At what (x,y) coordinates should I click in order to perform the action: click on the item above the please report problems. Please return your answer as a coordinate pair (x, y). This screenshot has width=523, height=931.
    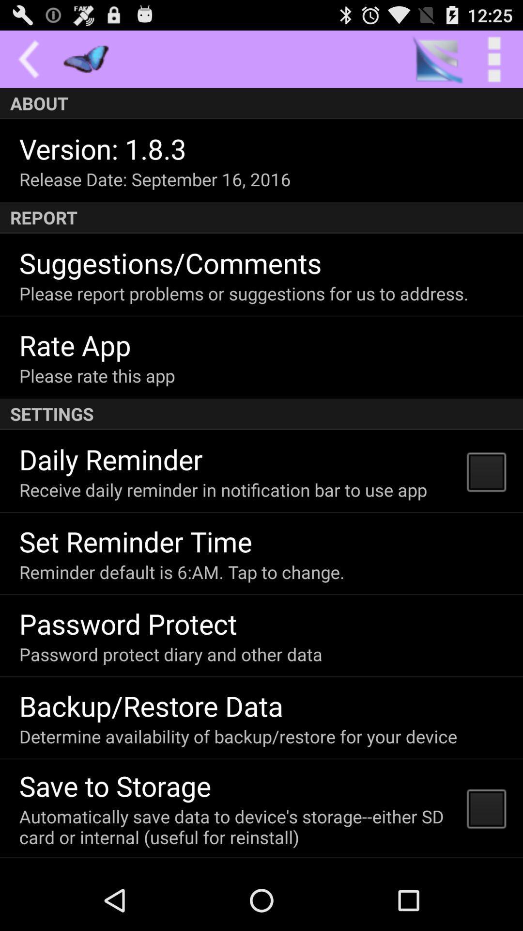
    Looking at the image, I should click on (170, 262).